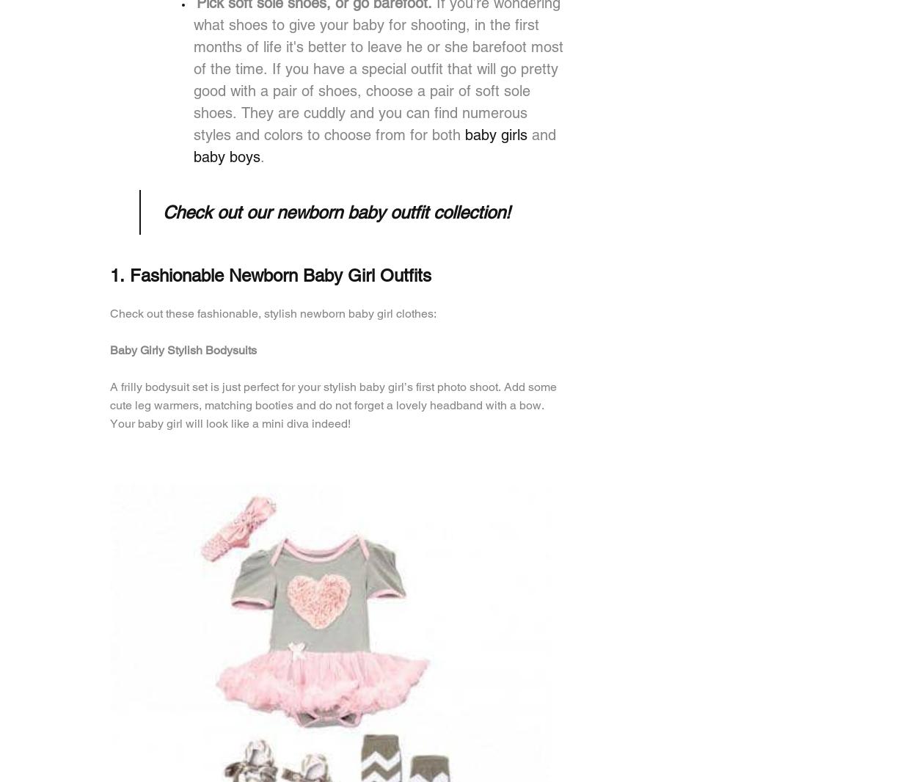 The width and height of the screenshot is (917, 782). What do you see at coordinates (391, 212) in the screenshot?
I see `'newborn baby outfit collection'` at bounding box center [391, 212].